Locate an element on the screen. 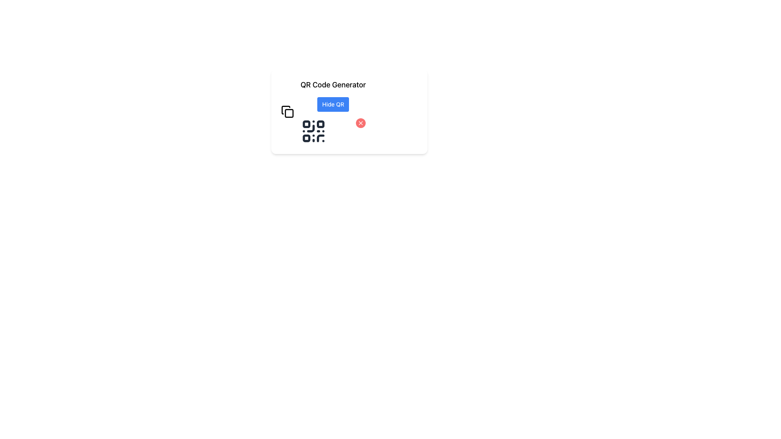  the button located beneath the title 'QR Code Generator' to hide the currently visible QR code is located at coordinates (333, 111).